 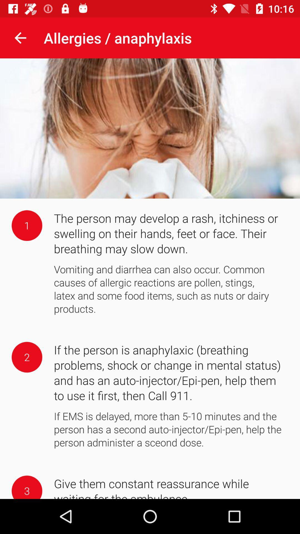 What do you see at coordinates (20, 38) in the screenshot?
I see `the item next to the allergies / anaphylaxis` at bounding box center [20, 38].